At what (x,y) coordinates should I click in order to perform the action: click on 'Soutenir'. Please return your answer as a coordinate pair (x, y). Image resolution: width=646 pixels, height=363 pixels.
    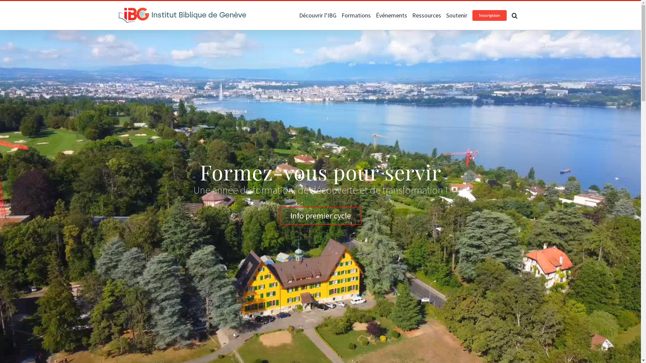
    Looking at the image, I should click on (457, 15).